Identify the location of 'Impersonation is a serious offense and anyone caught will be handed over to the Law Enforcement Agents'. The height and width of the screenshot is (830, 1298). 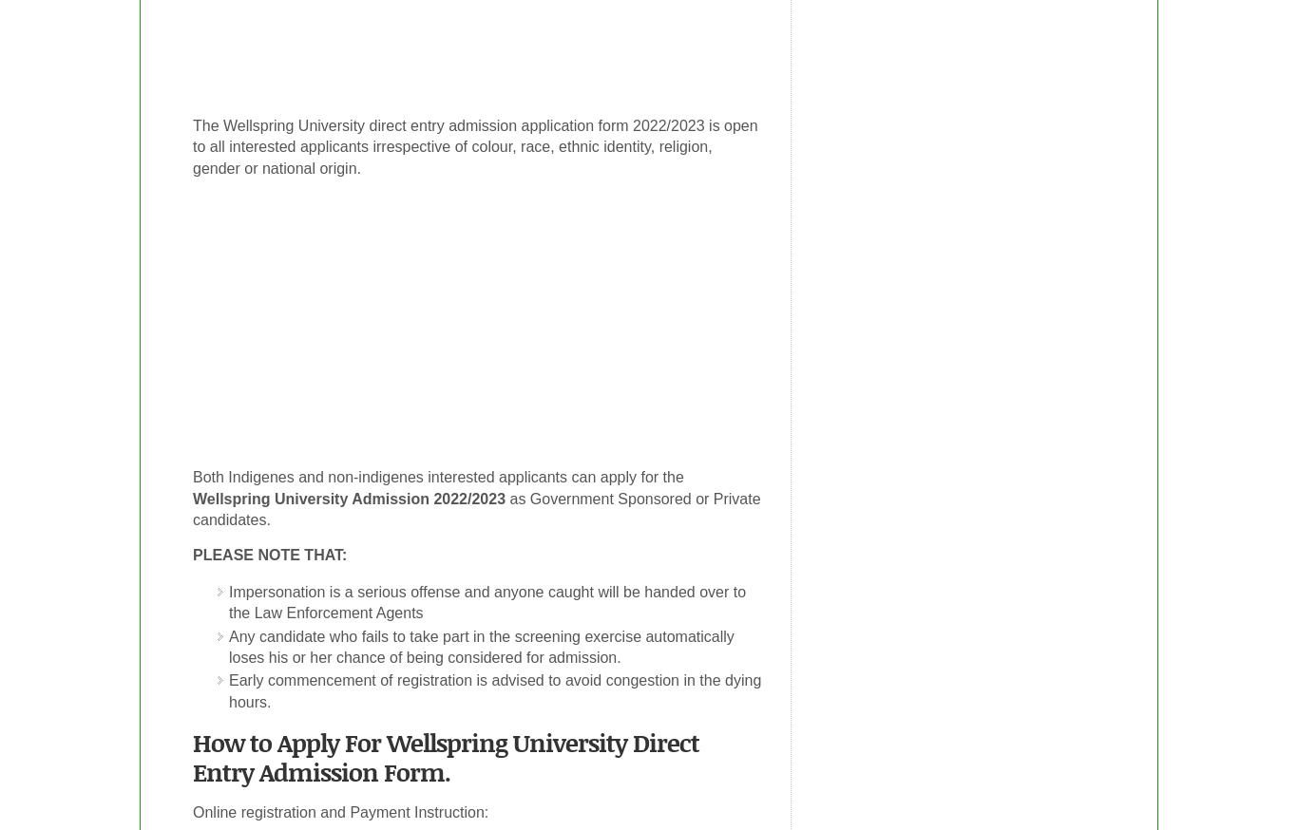
(487, 600).